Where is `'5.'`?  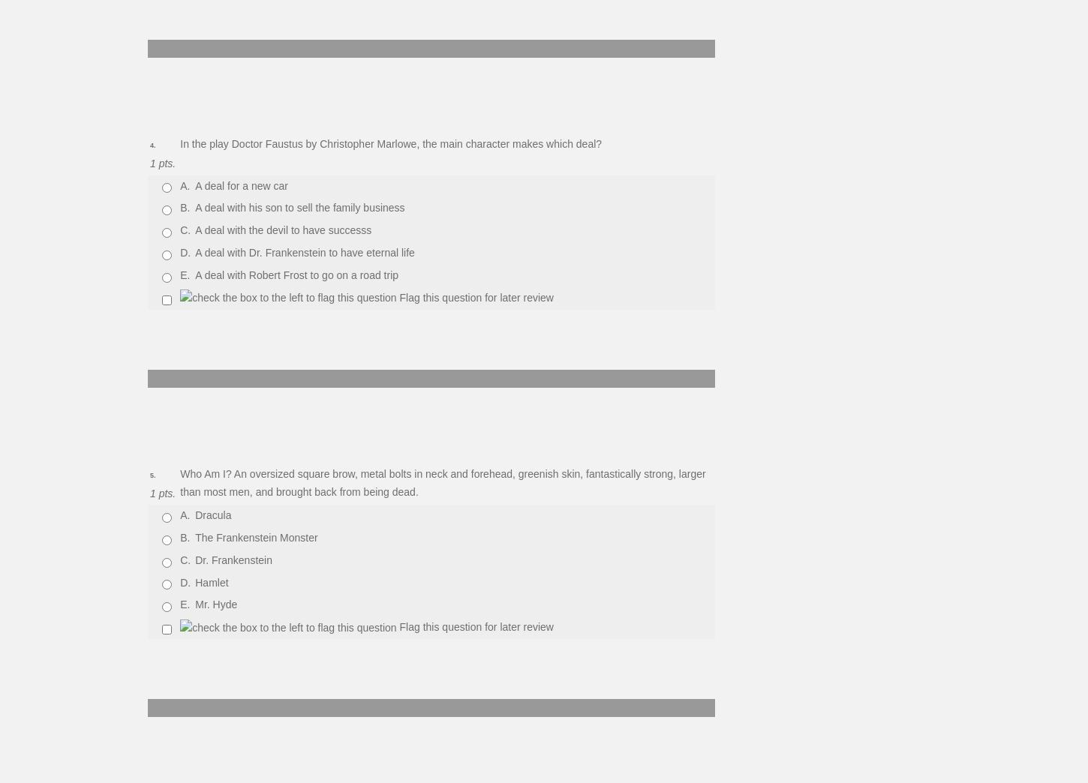
'5.' is located at coordinates (149, 474).